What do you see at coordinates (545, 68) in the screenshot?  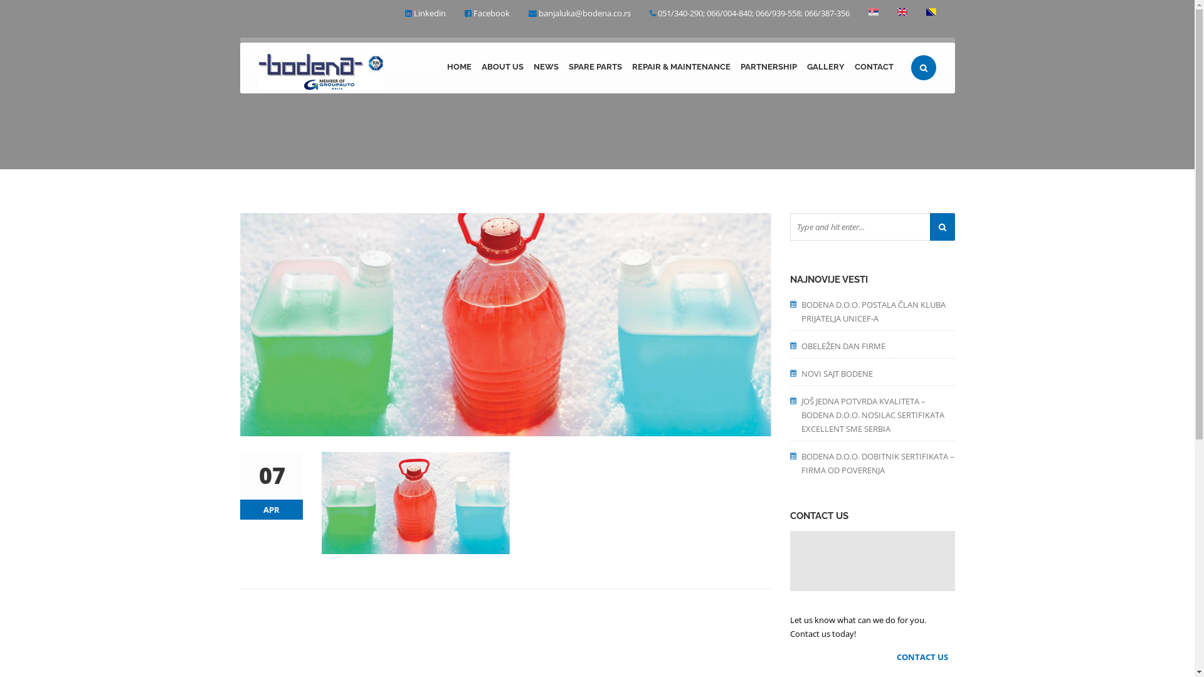 I see `'NEWS'` at bounding box center [545, 68].